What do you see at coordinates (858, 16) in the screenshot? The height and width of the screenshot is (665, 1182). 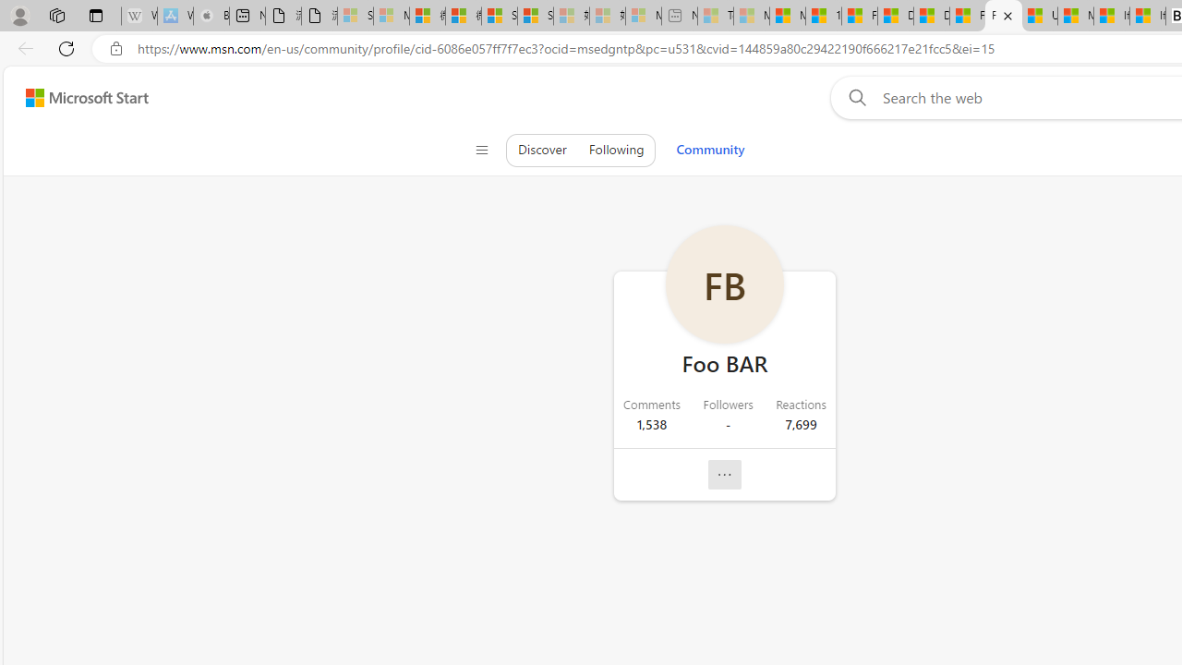 I see `'Food and Drink - MSN'` at bounding box center [858, 16].